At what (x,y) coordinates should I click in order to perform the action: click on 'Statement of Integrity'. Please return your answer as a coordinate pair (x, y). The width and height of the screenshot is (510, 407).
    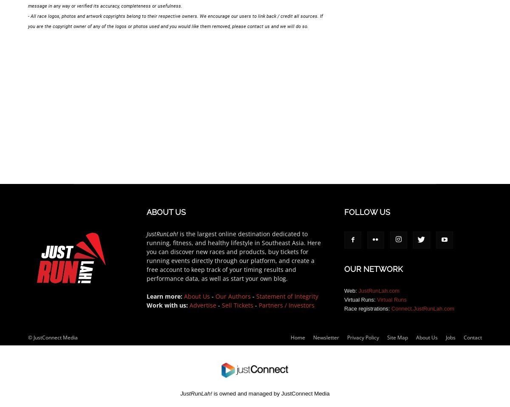
    Looking at the image, I should click on (287, 295).